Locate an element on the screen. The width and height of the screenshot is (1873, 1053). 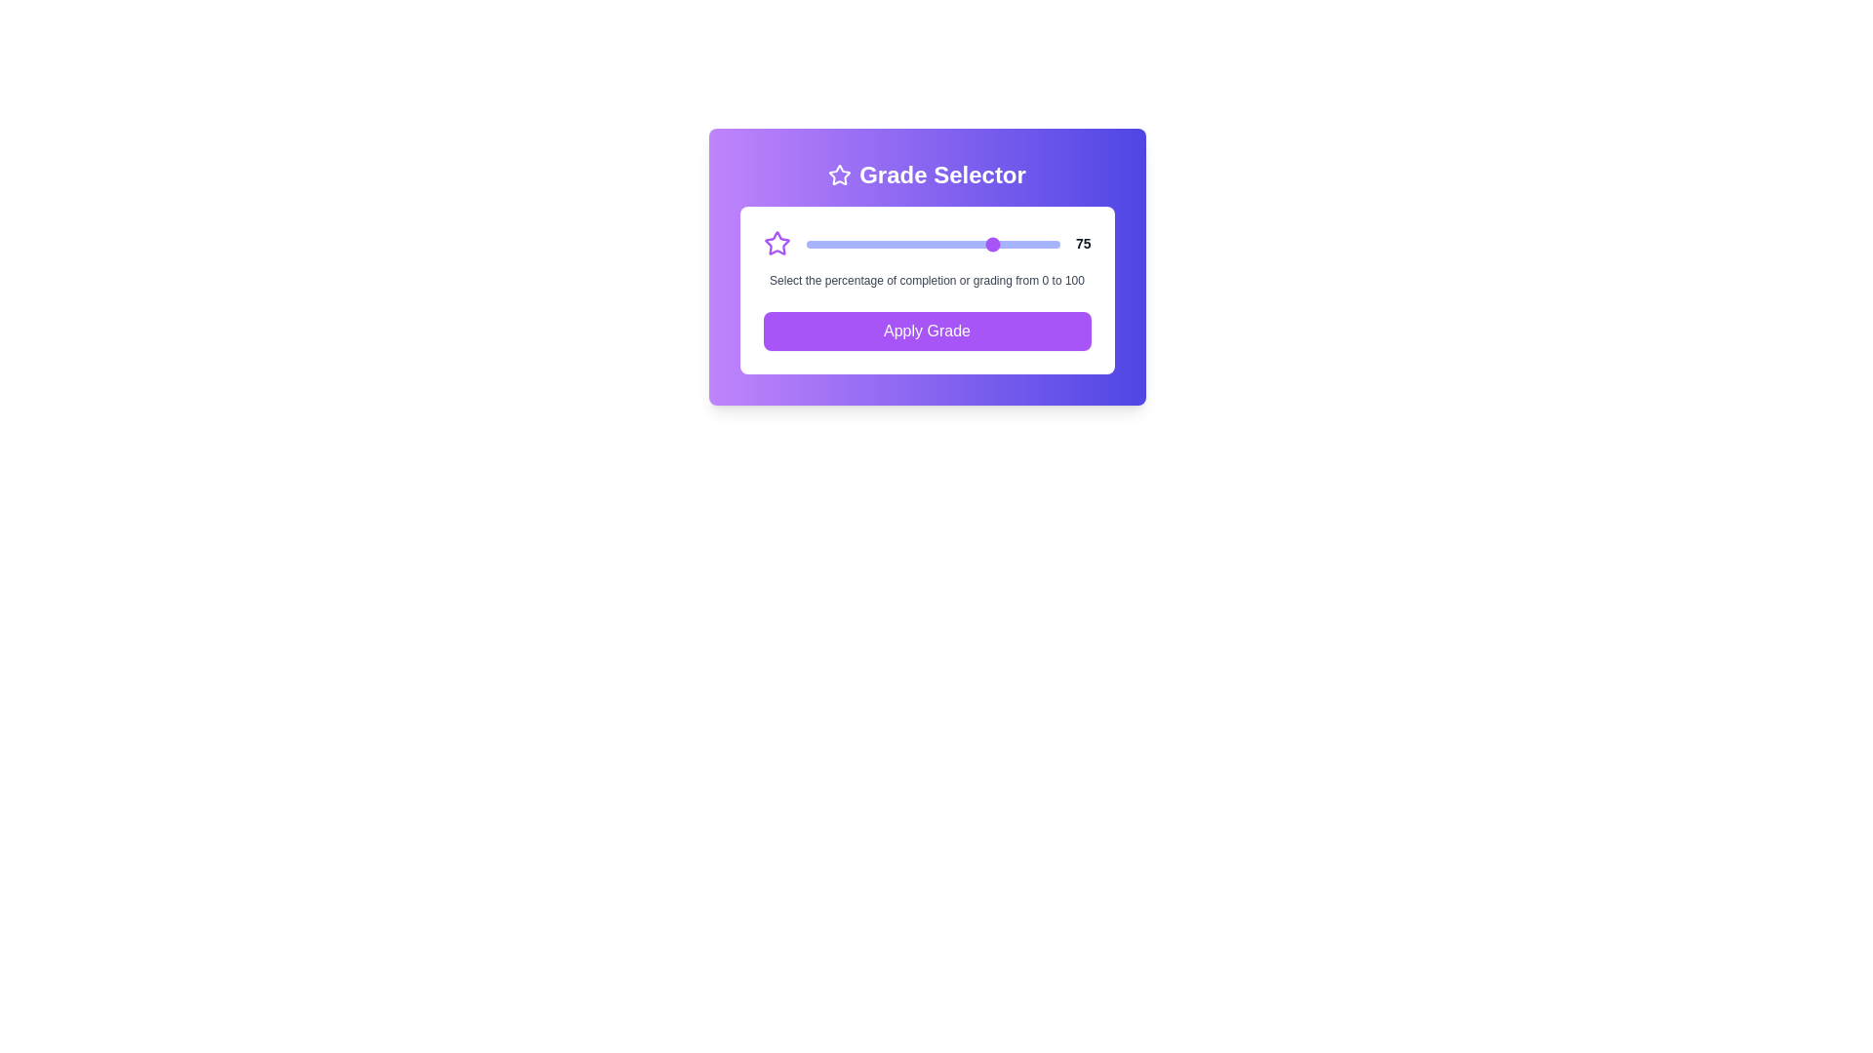
the slider is located at coordinates (844, 243).